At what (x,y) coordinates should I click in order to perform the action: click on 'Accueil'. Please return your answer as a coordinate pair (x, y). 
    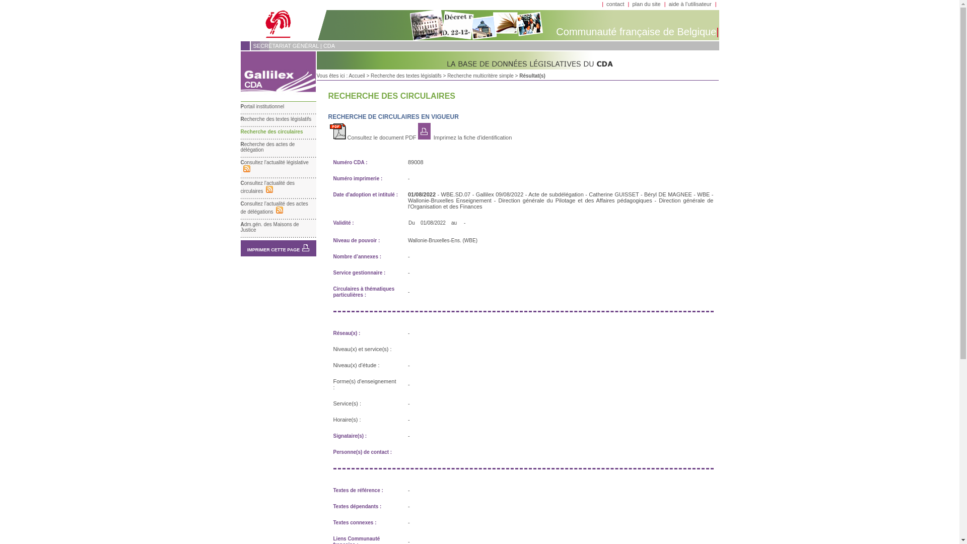
    Looking at the image, I should click on (357, 75).